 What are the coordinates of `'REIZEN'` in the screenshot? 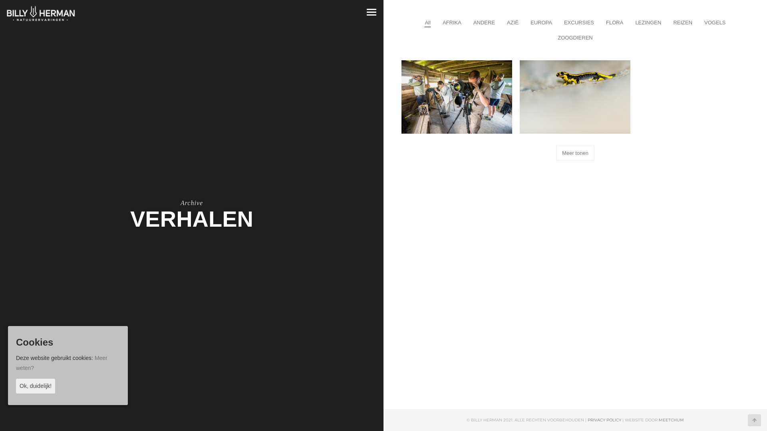 It's located at (682, 22).